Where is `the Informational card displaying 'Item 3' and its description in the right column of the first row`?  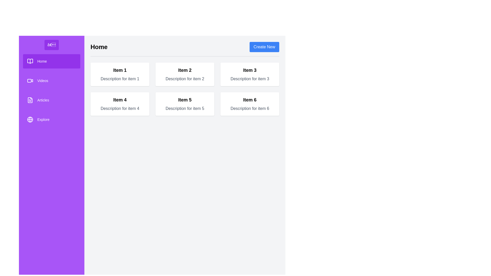 the Informational card displaying 'Item 3' and its description in the right column of the first row is located at coordinates (250, 74).